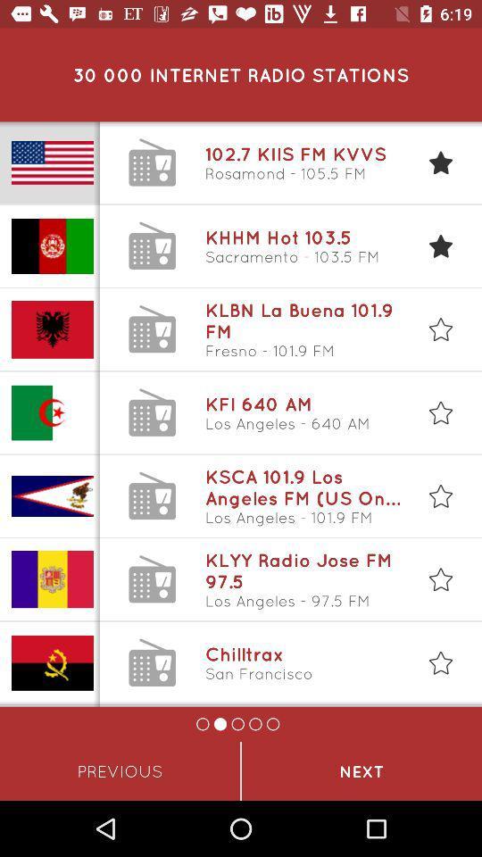  What do you see at coordinates (439, 662) in the screenshot?
I see `the last star` at bounding box center [439, 662].